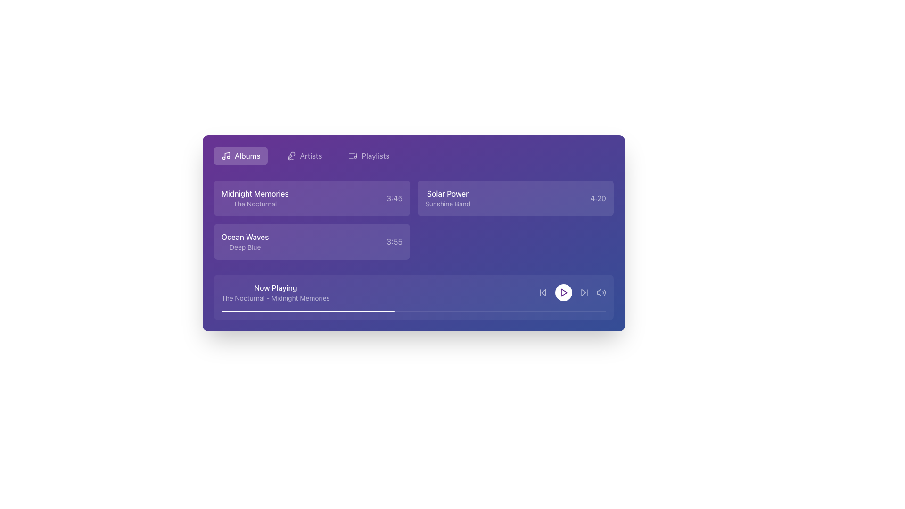 The height and width of the screenshot is (509, 905). What do you see at coordinates (543, 292) in the screenshot?
I see `the skip-backward button, which is a white triangular icon pointing left, located on the control bar of the media player interface, to skip to the previous track` at bounding box center [543, 292].